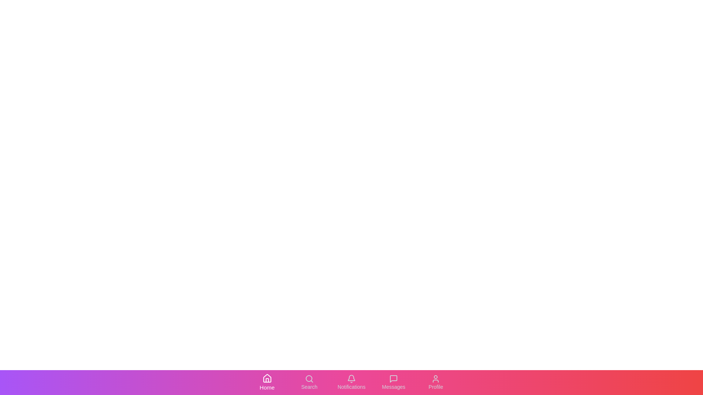 This screenshot has width=703, height=395. What do you see at coordinates (351, 382) in the screenshot?
I see `the 'Notifications' tab in the bottom navigation bar` at bounding box center [351, 382].